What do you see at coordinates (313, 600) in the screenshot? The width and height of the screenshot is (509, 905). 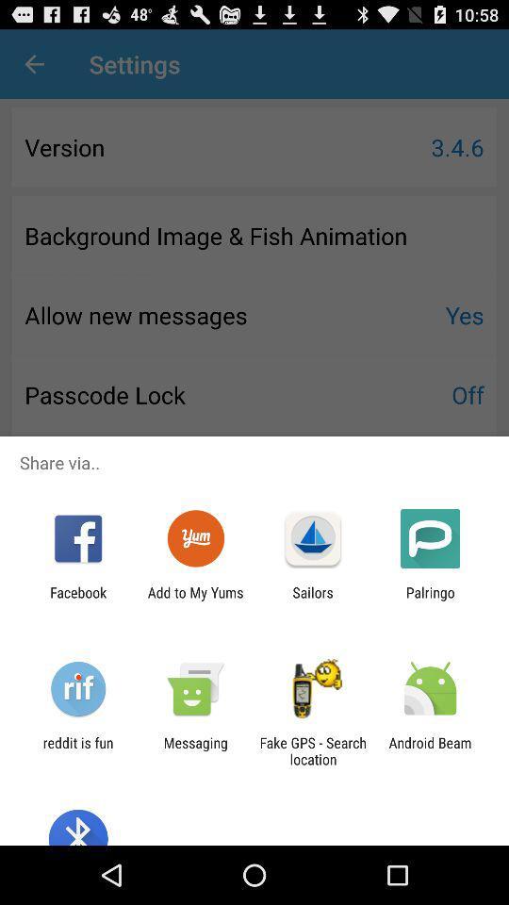 I see `the app next to the palringo item` at bounding box center [313, 600].